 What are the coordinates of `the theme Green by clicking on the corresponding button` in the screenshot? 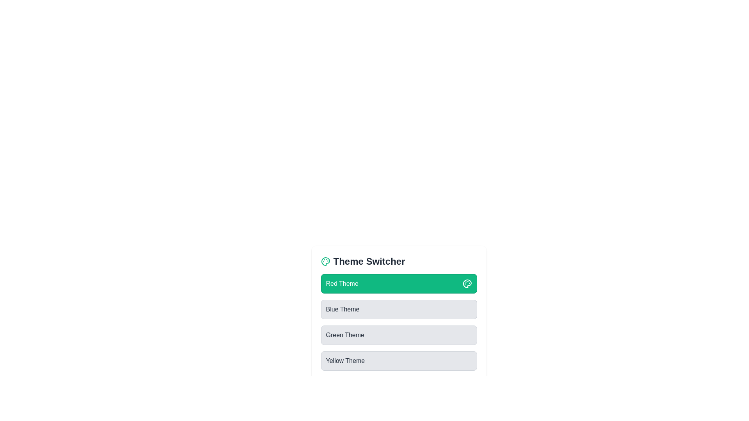 It's located at (399, 335).